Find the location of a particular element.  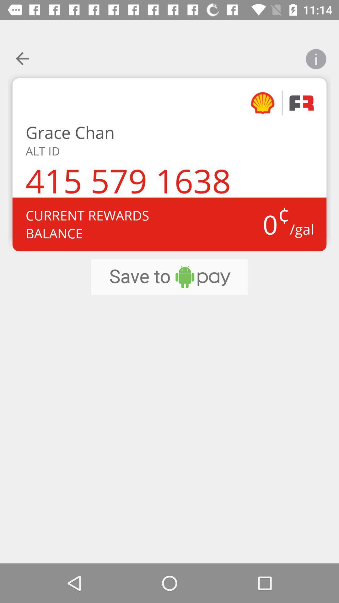

the icon below current rewards is located at coordinates (169, 277).